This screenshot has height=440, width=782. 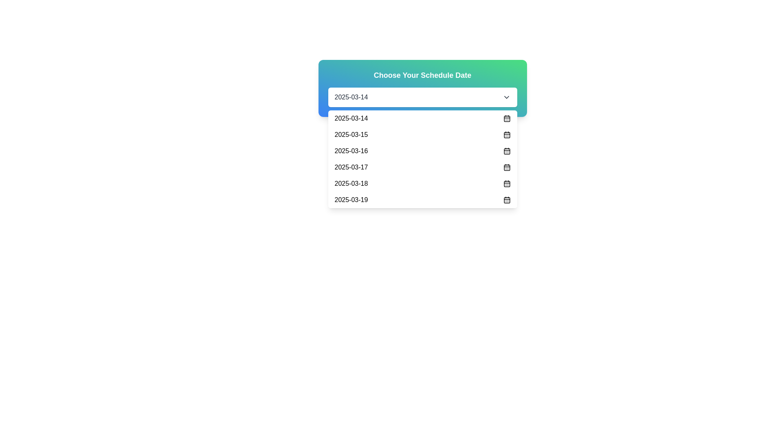 I want to click on the calendar icon representing the date '2025-03-17' located at the far right of its row in the dropdown list, so click(x=506, y=167).